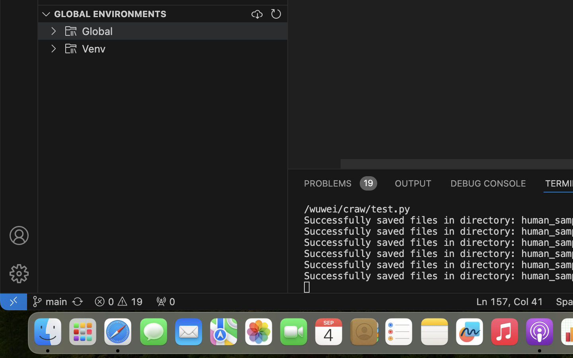 Image resolution: width=573 pixels, height=358 pixels. I want to click on '0 OUTPUT', so click(413, 182).